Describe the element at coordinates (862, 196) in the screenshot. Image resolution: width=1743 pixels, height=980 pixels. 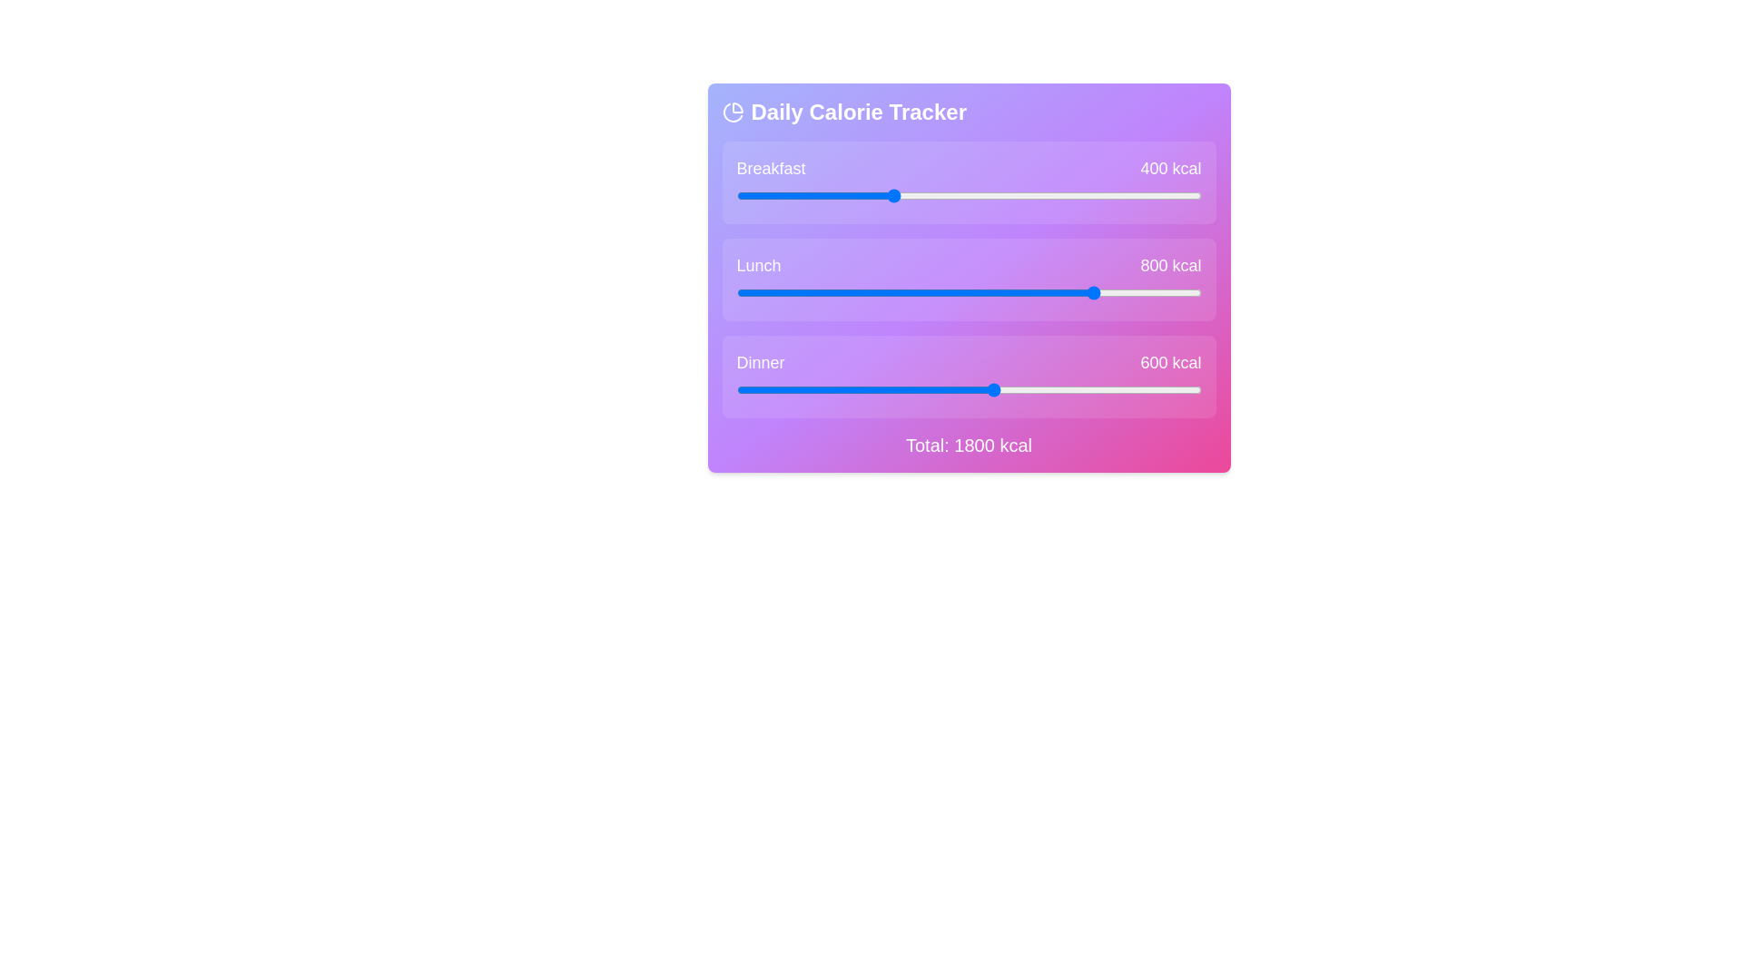
I see `the breakfast calorie value` at that location.